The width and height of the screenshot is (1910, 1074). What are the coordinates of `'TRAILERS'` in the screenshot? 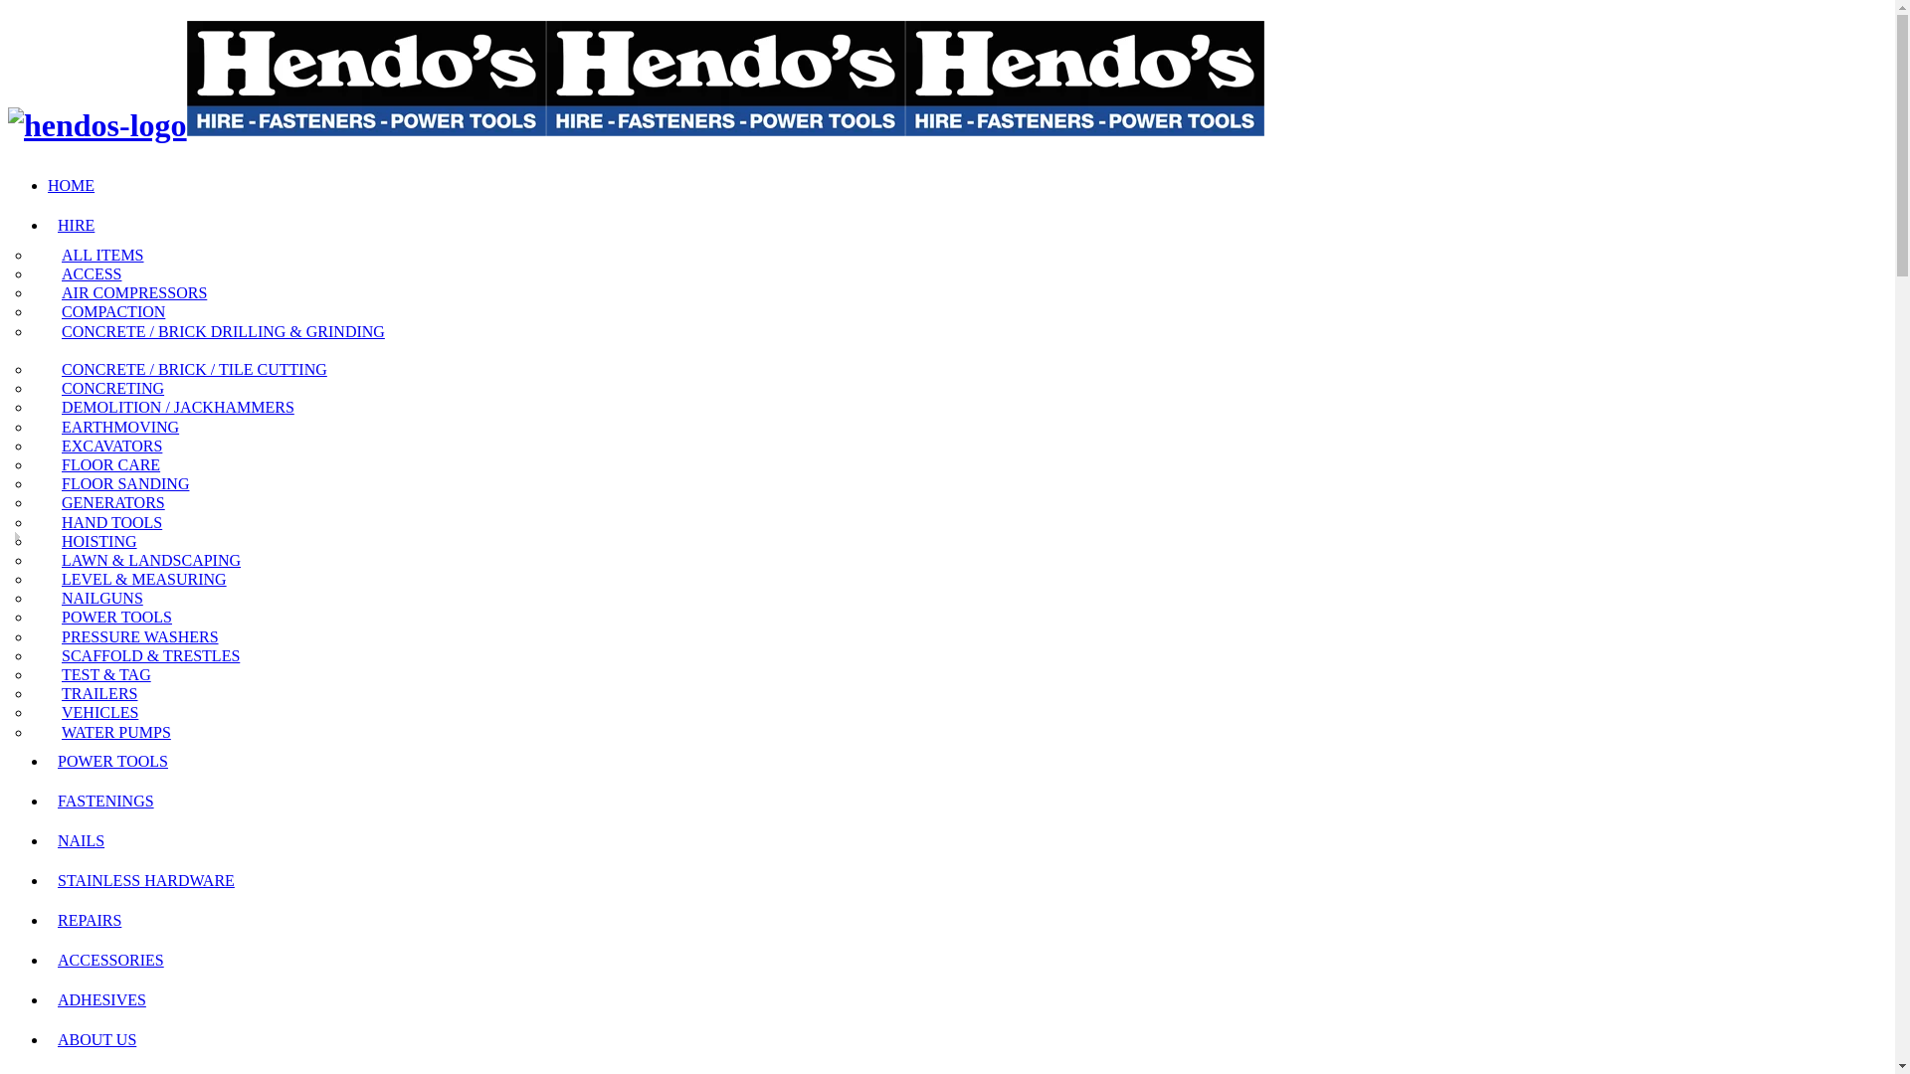 It's located at (94, 692).